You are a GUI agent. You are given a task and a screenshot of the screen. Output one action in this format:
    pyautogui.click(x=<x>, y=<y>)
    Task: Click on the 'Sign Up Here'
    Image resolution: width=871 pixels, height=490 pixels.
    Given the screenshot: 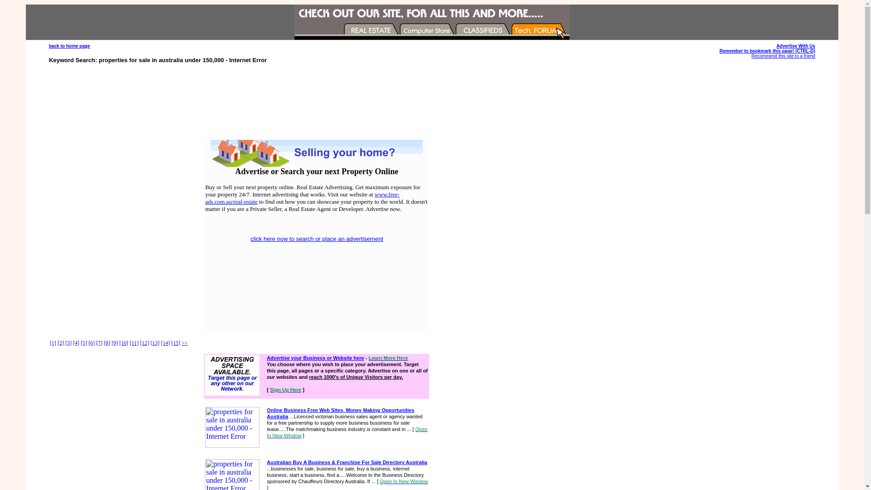 What is the action you would take?
    pyautogui.click(x=285, y=389)
    